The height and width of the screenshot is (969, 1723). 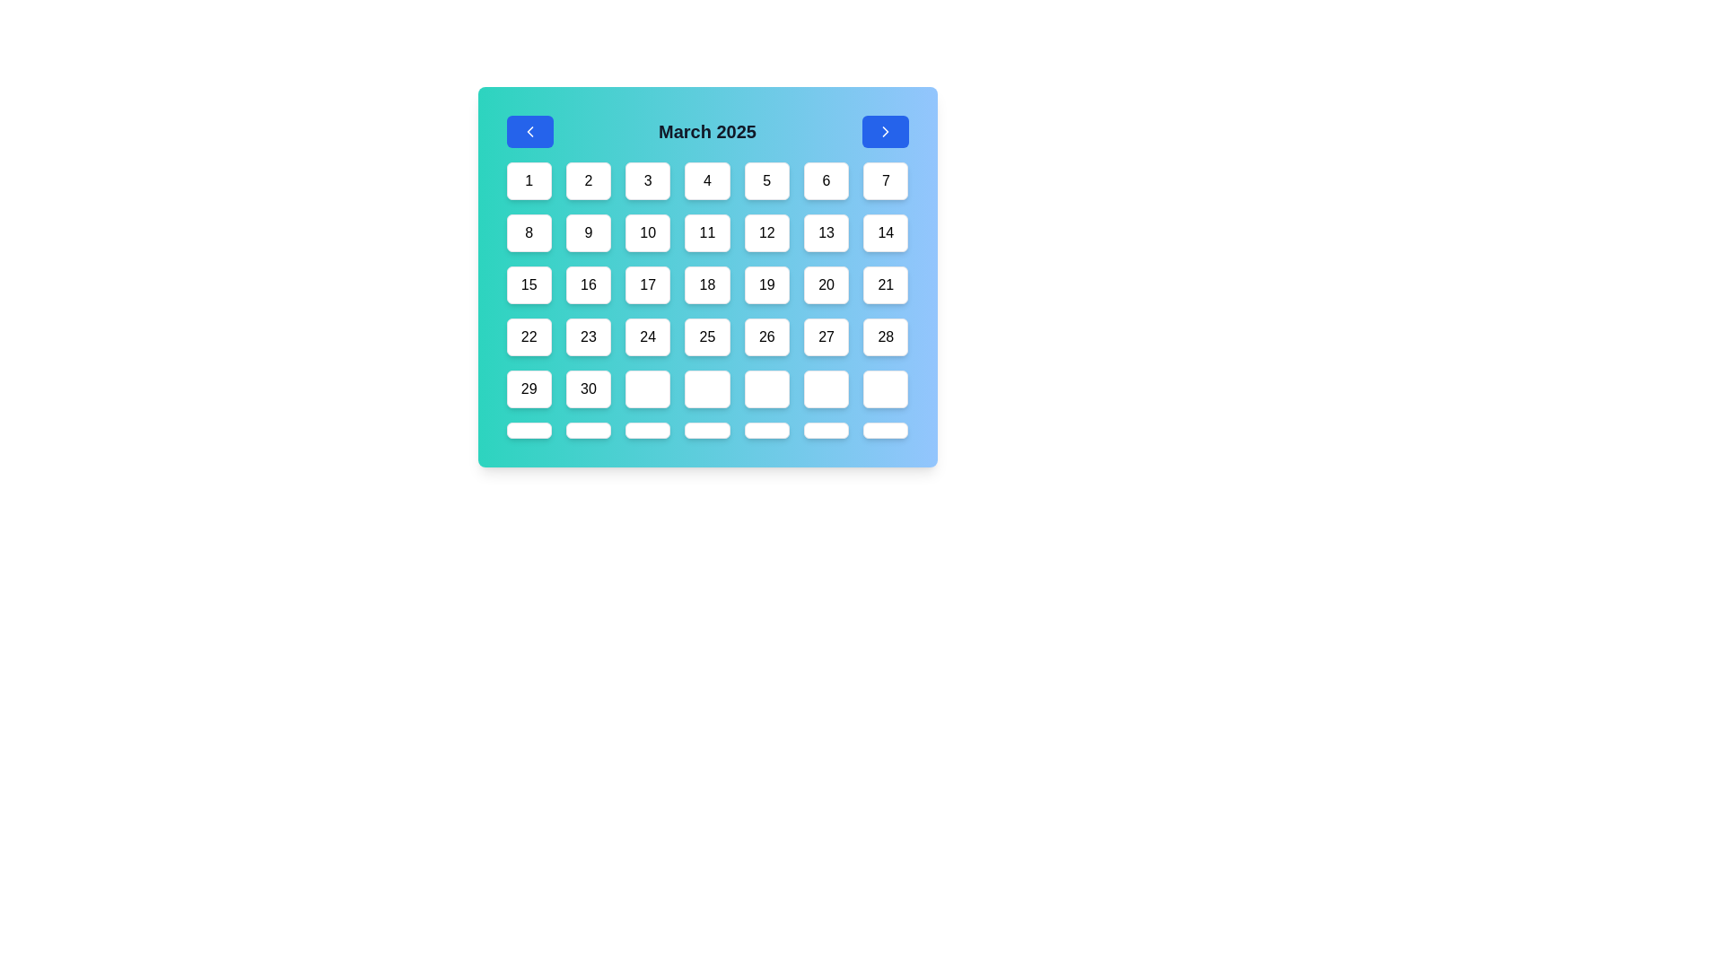 What do you see at coordinates (588, 180) in the screenshot?
I see `the calendar date cell representing the date '2', which is the second item in the first row of a calendar grid` at bounding box center [588, 180].